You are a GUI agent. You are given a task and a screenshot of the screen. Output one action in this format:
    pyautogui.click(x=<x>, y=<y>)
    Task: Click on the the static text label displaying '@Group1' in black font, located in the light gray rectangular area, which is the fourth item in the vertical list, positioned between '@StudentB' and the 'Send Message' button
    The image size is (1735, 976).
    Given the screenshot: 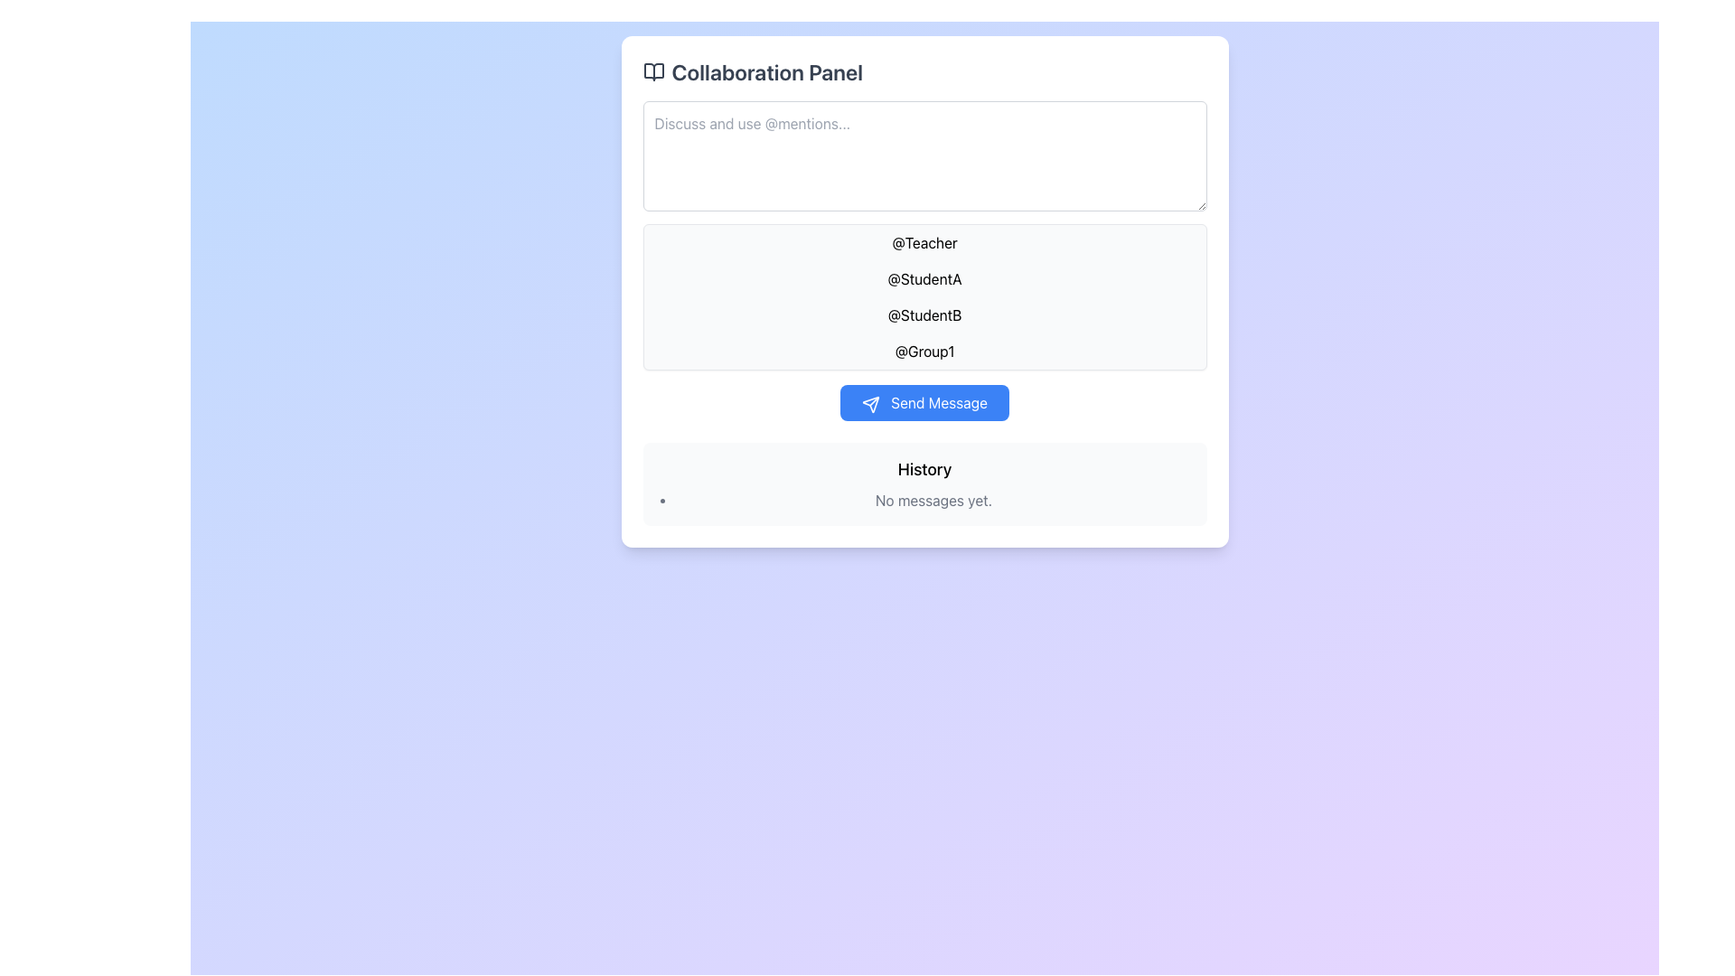 What is the action you would take?
    pyautogui.click(x=924, y=352)
    